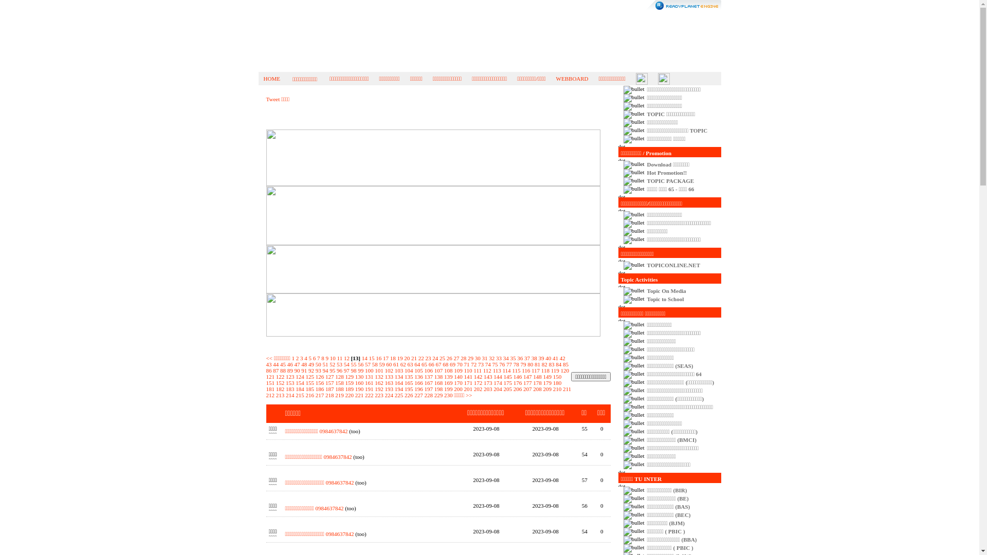  I want to click on '91', so click(303, 371).